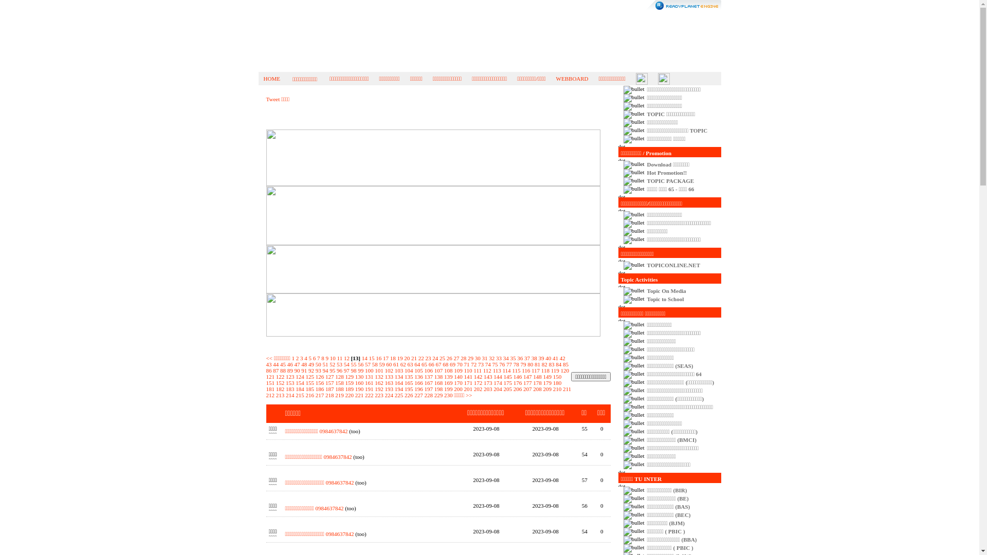  I want to click on '91', so click(303, 371).